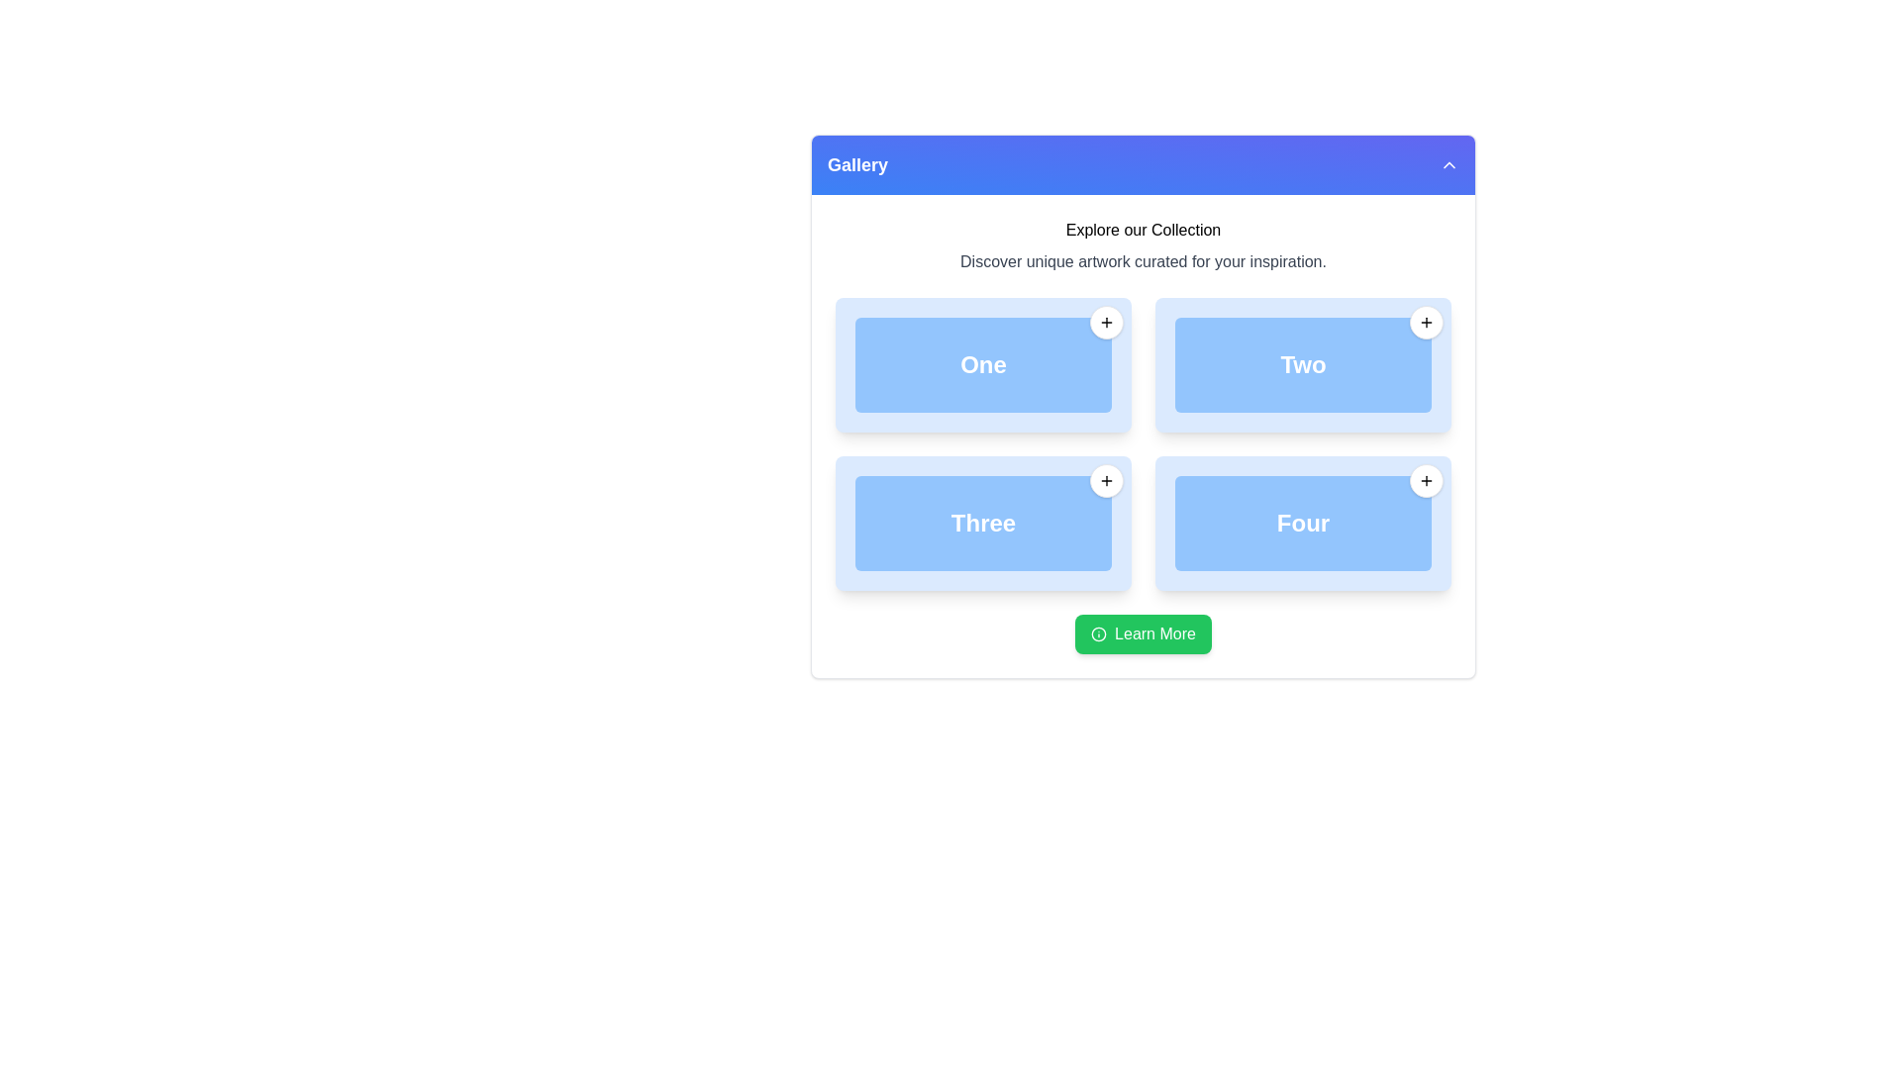 The image size is (1901, 1069). Describe the element at coordinates (1098, 633) in the screenshot. I see `the leftmost icon within the green button located at the bottom center of the interface, which indicates additional information about the 'Learn More' button` at that location.